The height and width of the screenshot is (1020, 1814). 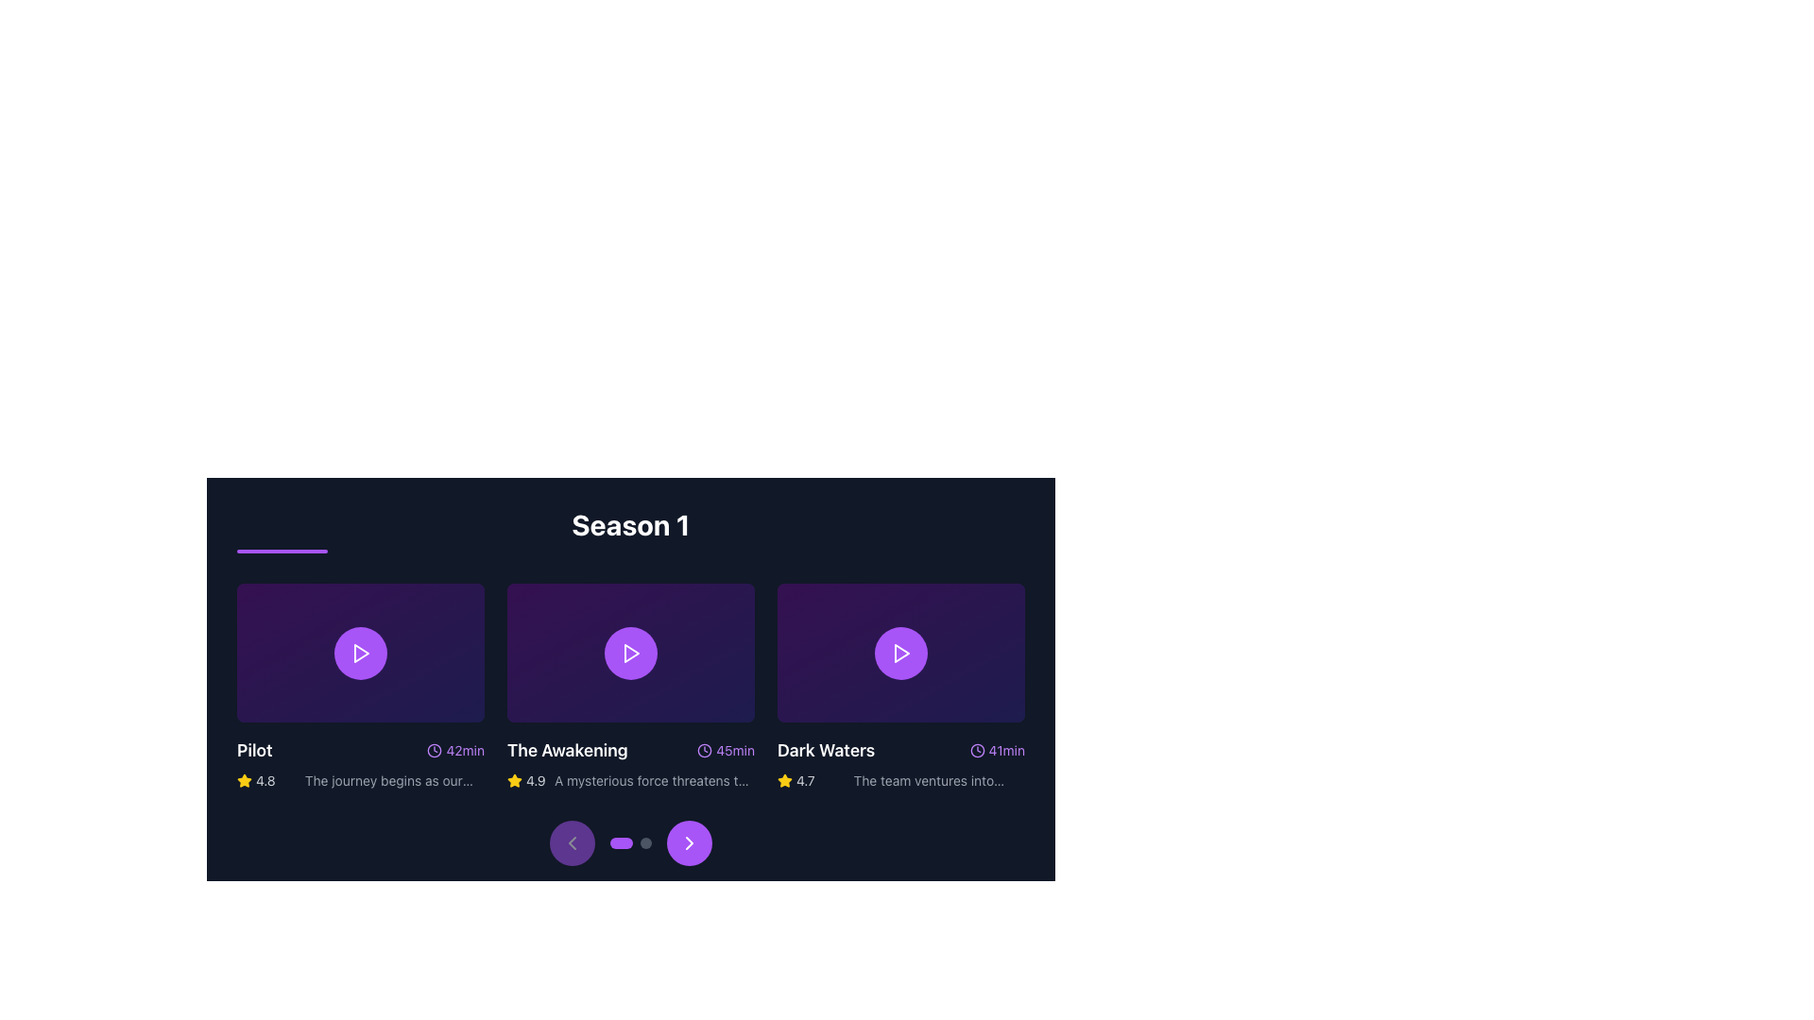 I want to click on the Label showing duration '41min', which is styled with a small purple font and is located to the right of a clock icon, part of the 'Dark Waters' entry, so click(x=1005, y=750).